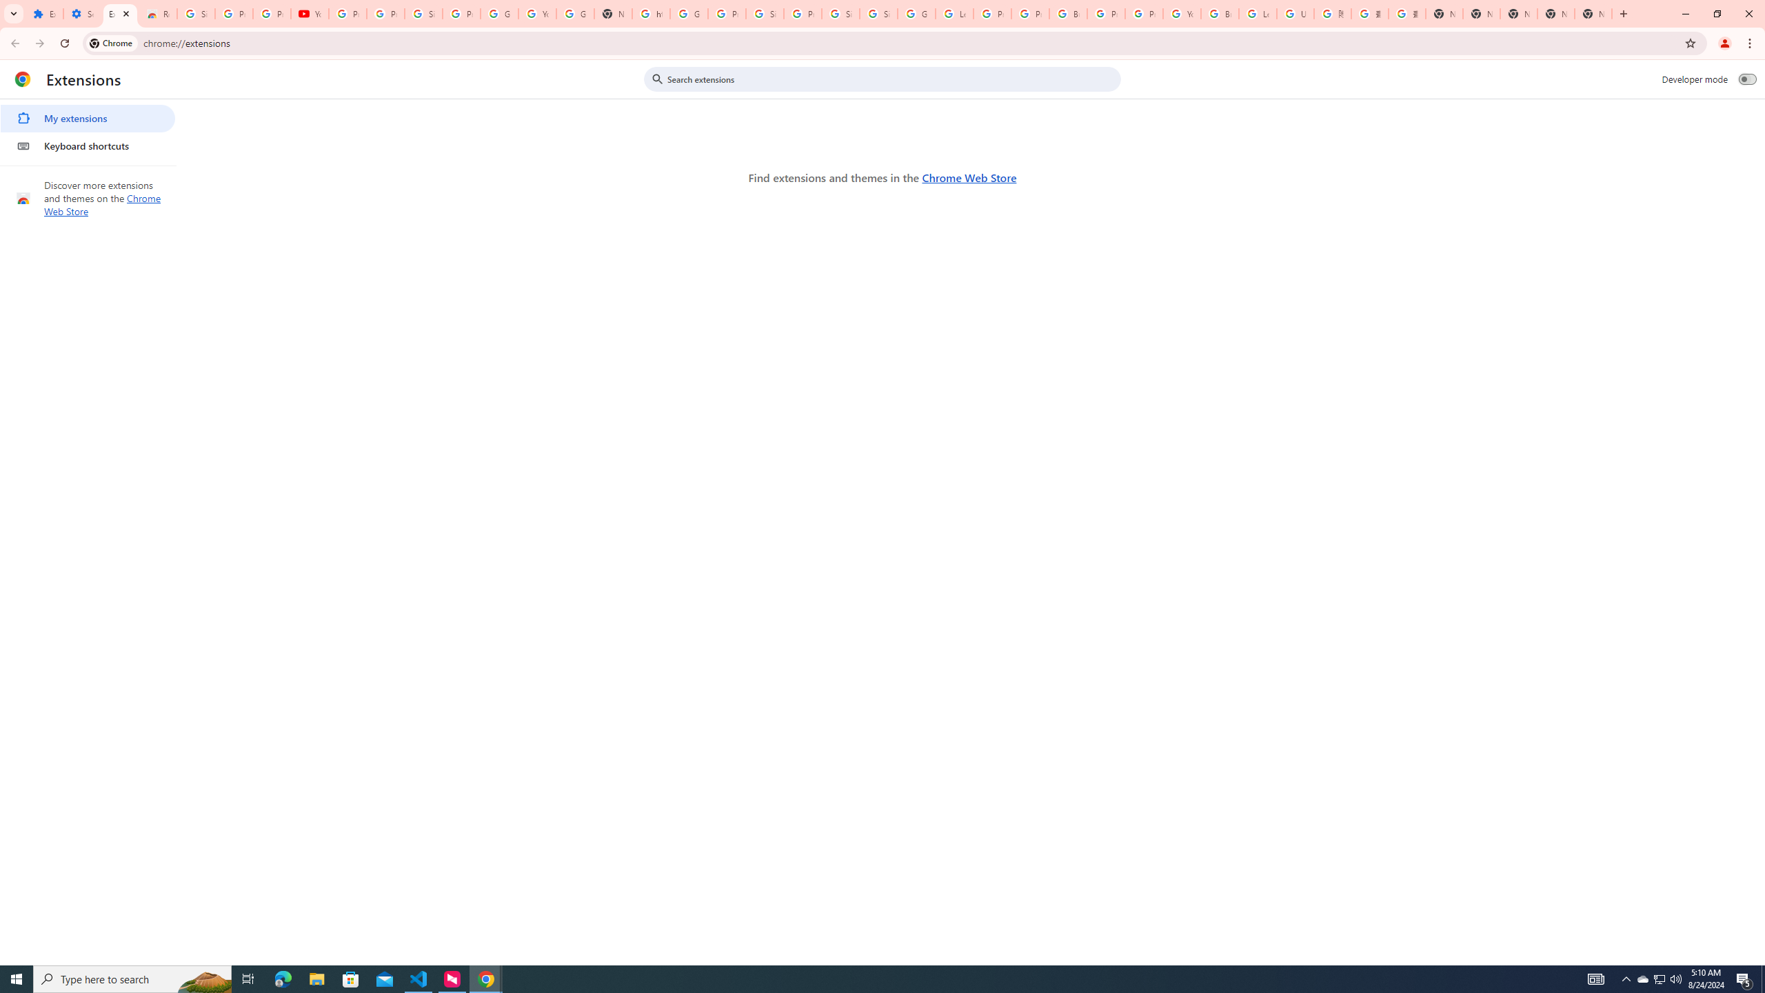 The height and width of the screenshot is (993, 1765). Describe the element at coordinates (891, 79) in the screenshot. I see `'Search extensions'` at that location.